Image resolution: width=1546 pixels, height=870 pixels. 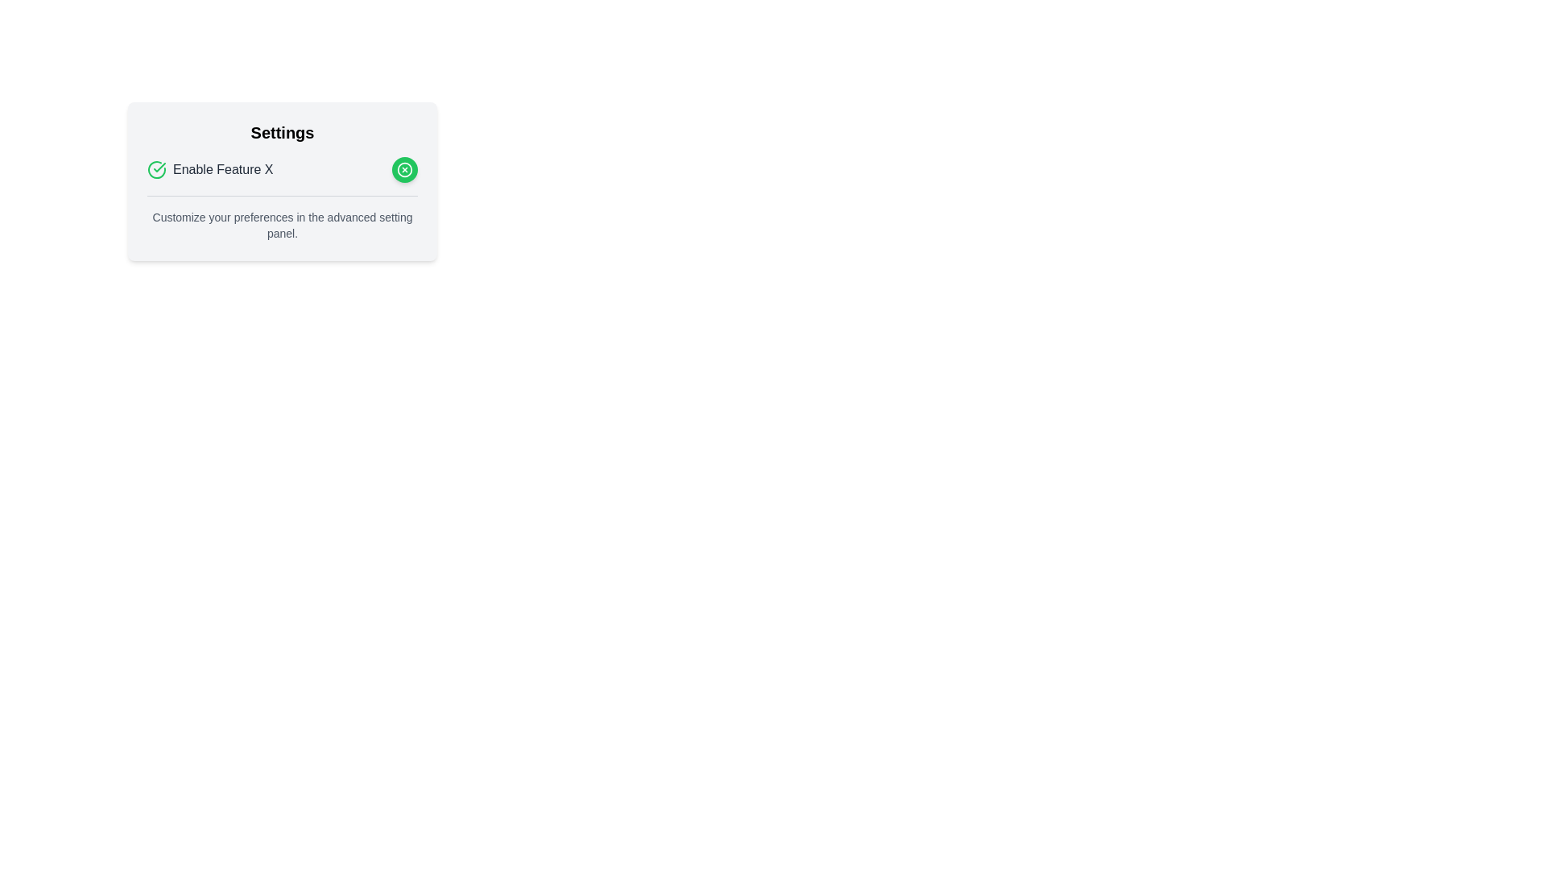 What do you see at coordinates (405, 170) in the screenshot?
I see `the circular green button with a white cross icon, located at the right end of the row containing the text 'Enable Feature X'` at bounding box center [405, 170].